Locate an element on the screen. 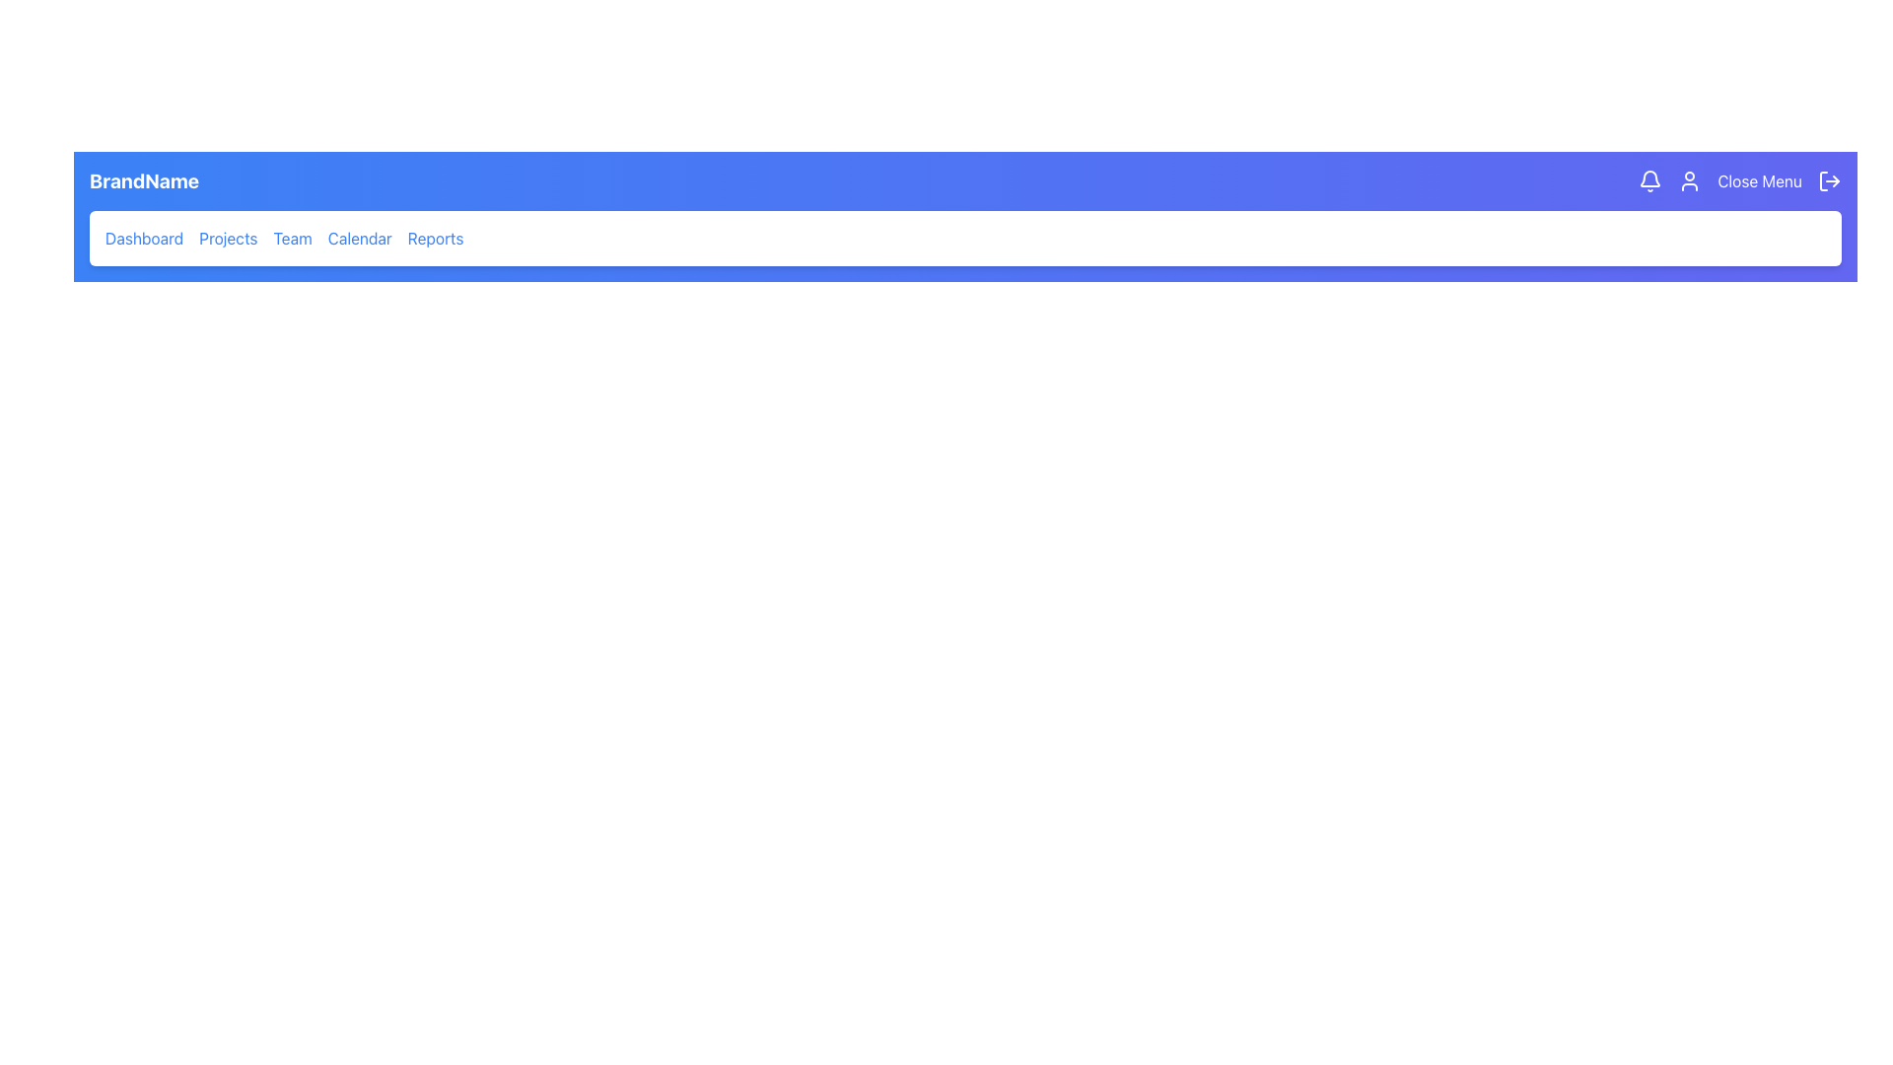  the logout button located at the far right of the header bar is located at coordinates (1829, 181).